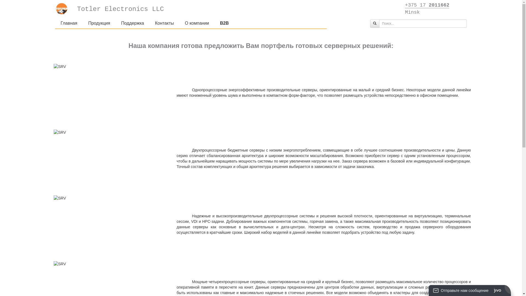 The width and height of the screenshot is (526, 296). What do you see at coordinates (214, 23) in the screenshot?
I see `'B2B'` at bounding box center [214, 23].